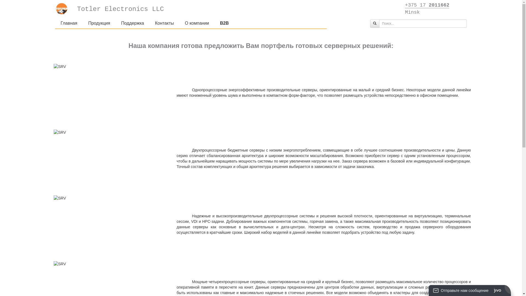 The width and height of the screenshot is (526, 296). What do you see at coordinates (214, 23) in the screenshot?
I see `'B2B'` at bounding box center [214, 23].